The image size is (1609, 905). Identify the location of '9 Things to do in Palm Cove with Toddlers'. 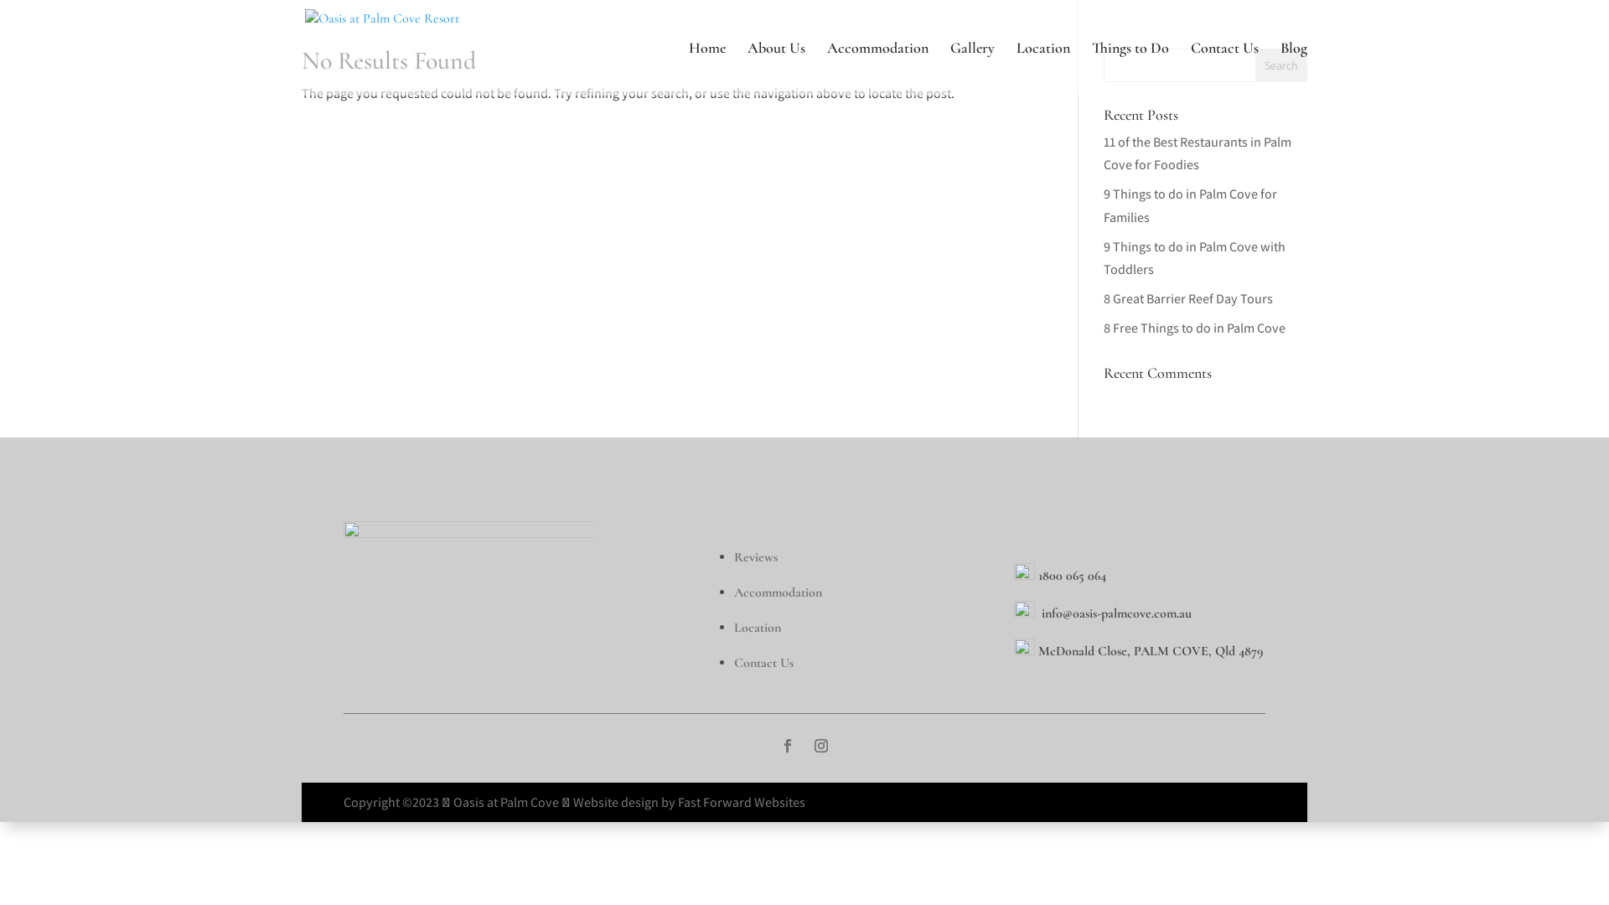
(1193, 258).